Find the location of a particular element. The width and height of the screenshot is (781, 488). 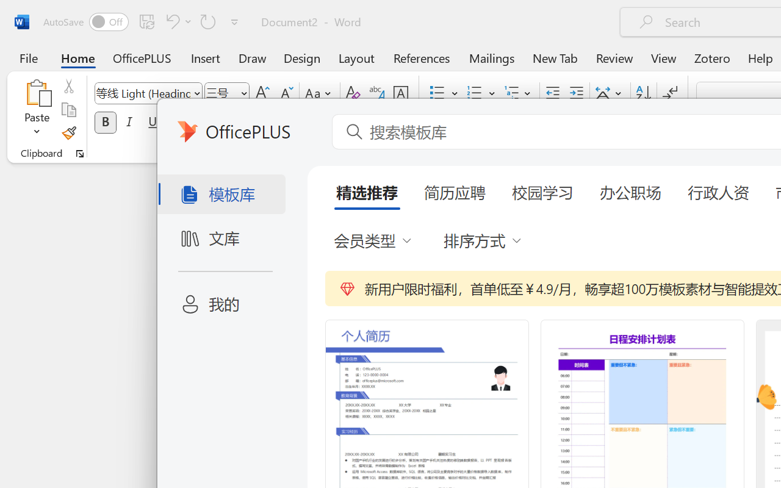

'Customize Quick Access Toolbar' is located at coordinates (234, 21).